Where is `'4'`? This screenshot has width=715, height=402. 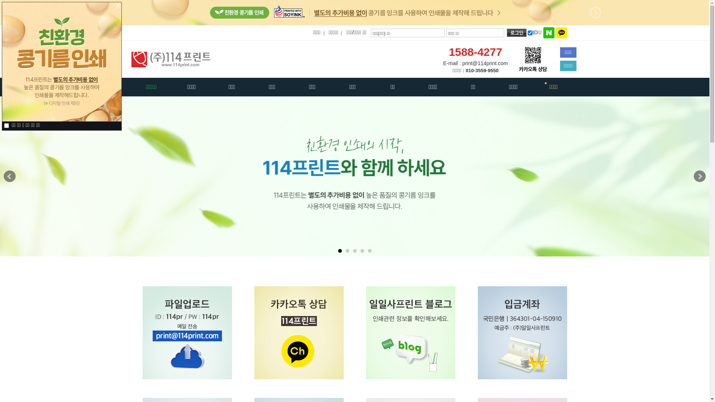
'4' is located at coordinates (362, 251).